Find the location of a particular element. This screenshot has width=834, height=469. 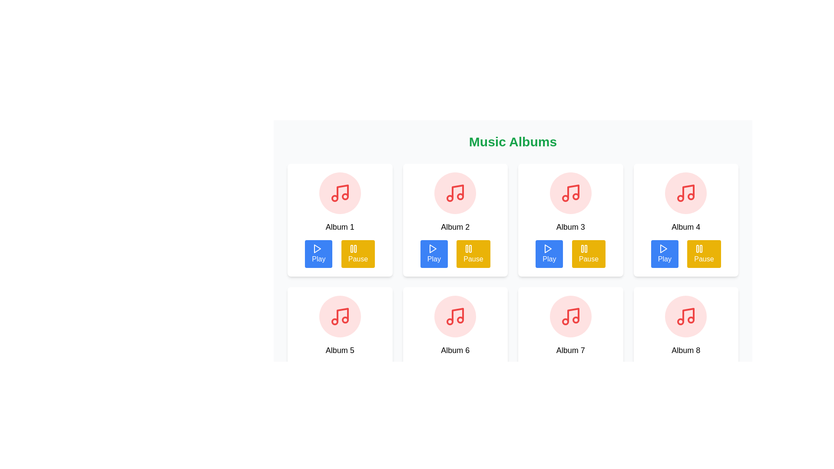

the visual state of the 'Play' icon located in the bottom-right quadrant of the album card for 'Album 4' is located at coordinates (662, 249).